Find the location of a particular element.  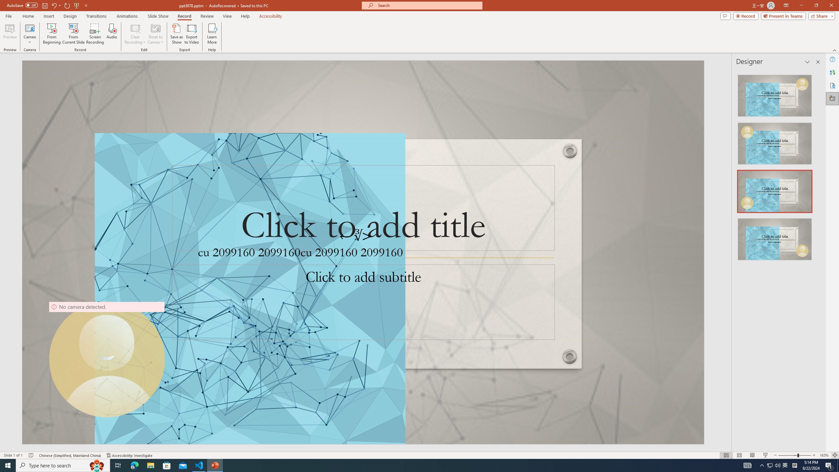

'Reset to Cameo' is located at coordinates (155, 34).